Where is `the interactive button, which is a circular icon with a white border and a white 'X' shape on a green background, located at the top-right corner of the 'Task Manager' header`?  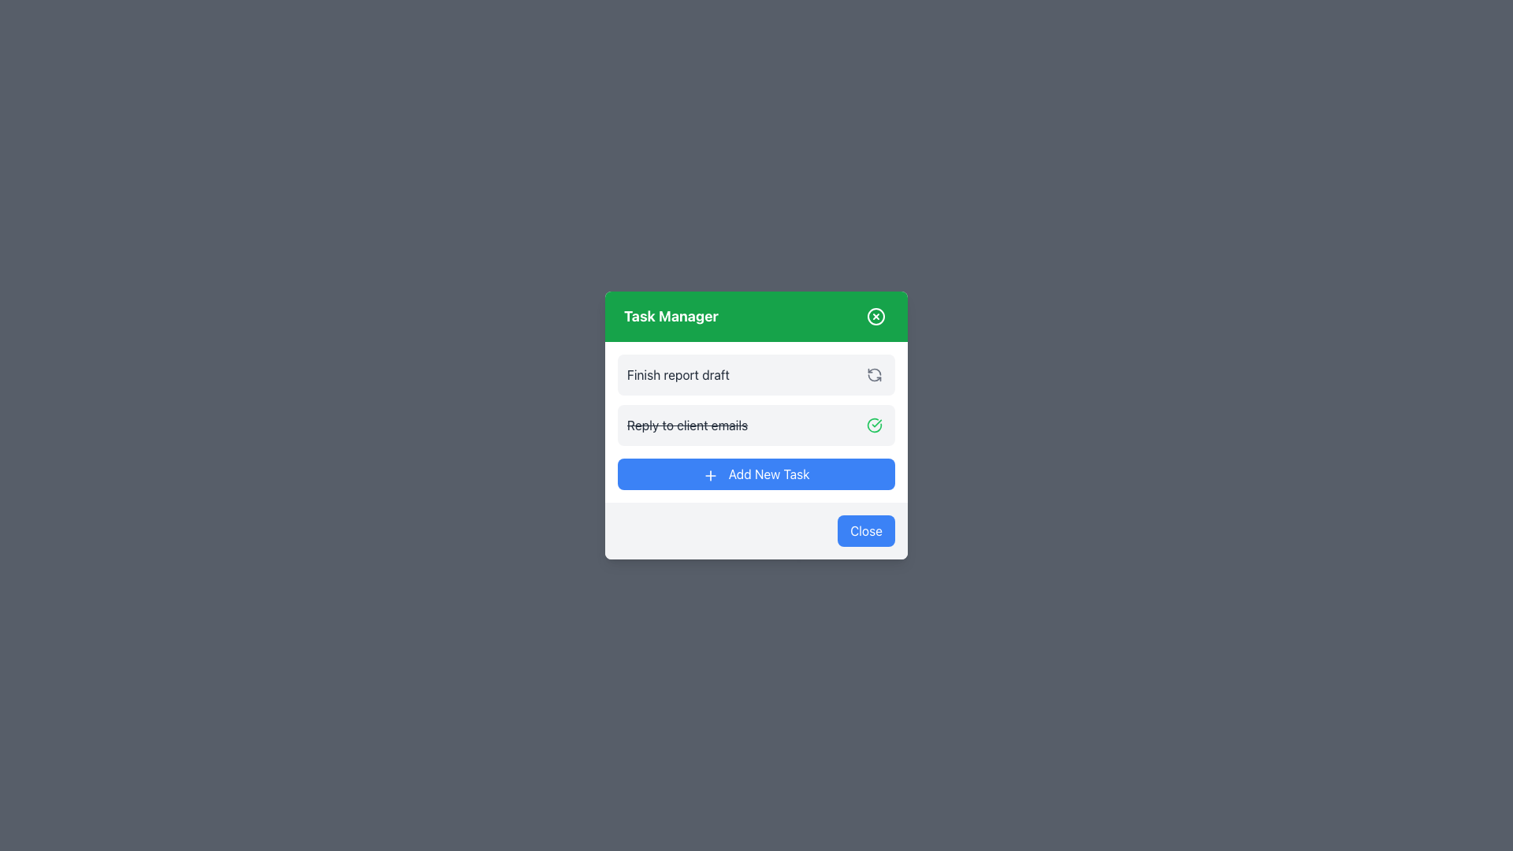
the interactive button, which is a circular icon with a white border and a white 'X' shape on a green background, located at the top-right corner of the 'Task Manager' header is located at coordinates (875, 316).